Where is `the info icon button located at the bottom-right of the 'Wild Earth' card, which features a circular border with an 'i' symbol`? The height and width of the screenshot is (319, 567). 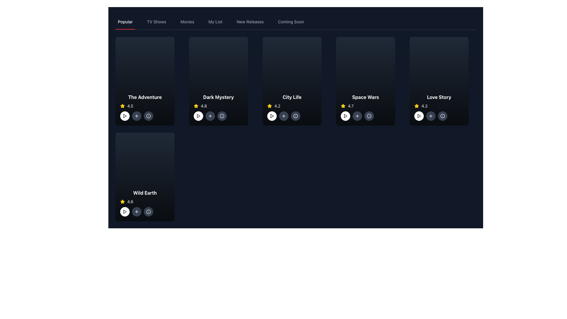
the info icon button located at the bottom-right of the 'Wild Earth' card, which features a circular border with an 'i' symbol is located at coordinates (149, 211).